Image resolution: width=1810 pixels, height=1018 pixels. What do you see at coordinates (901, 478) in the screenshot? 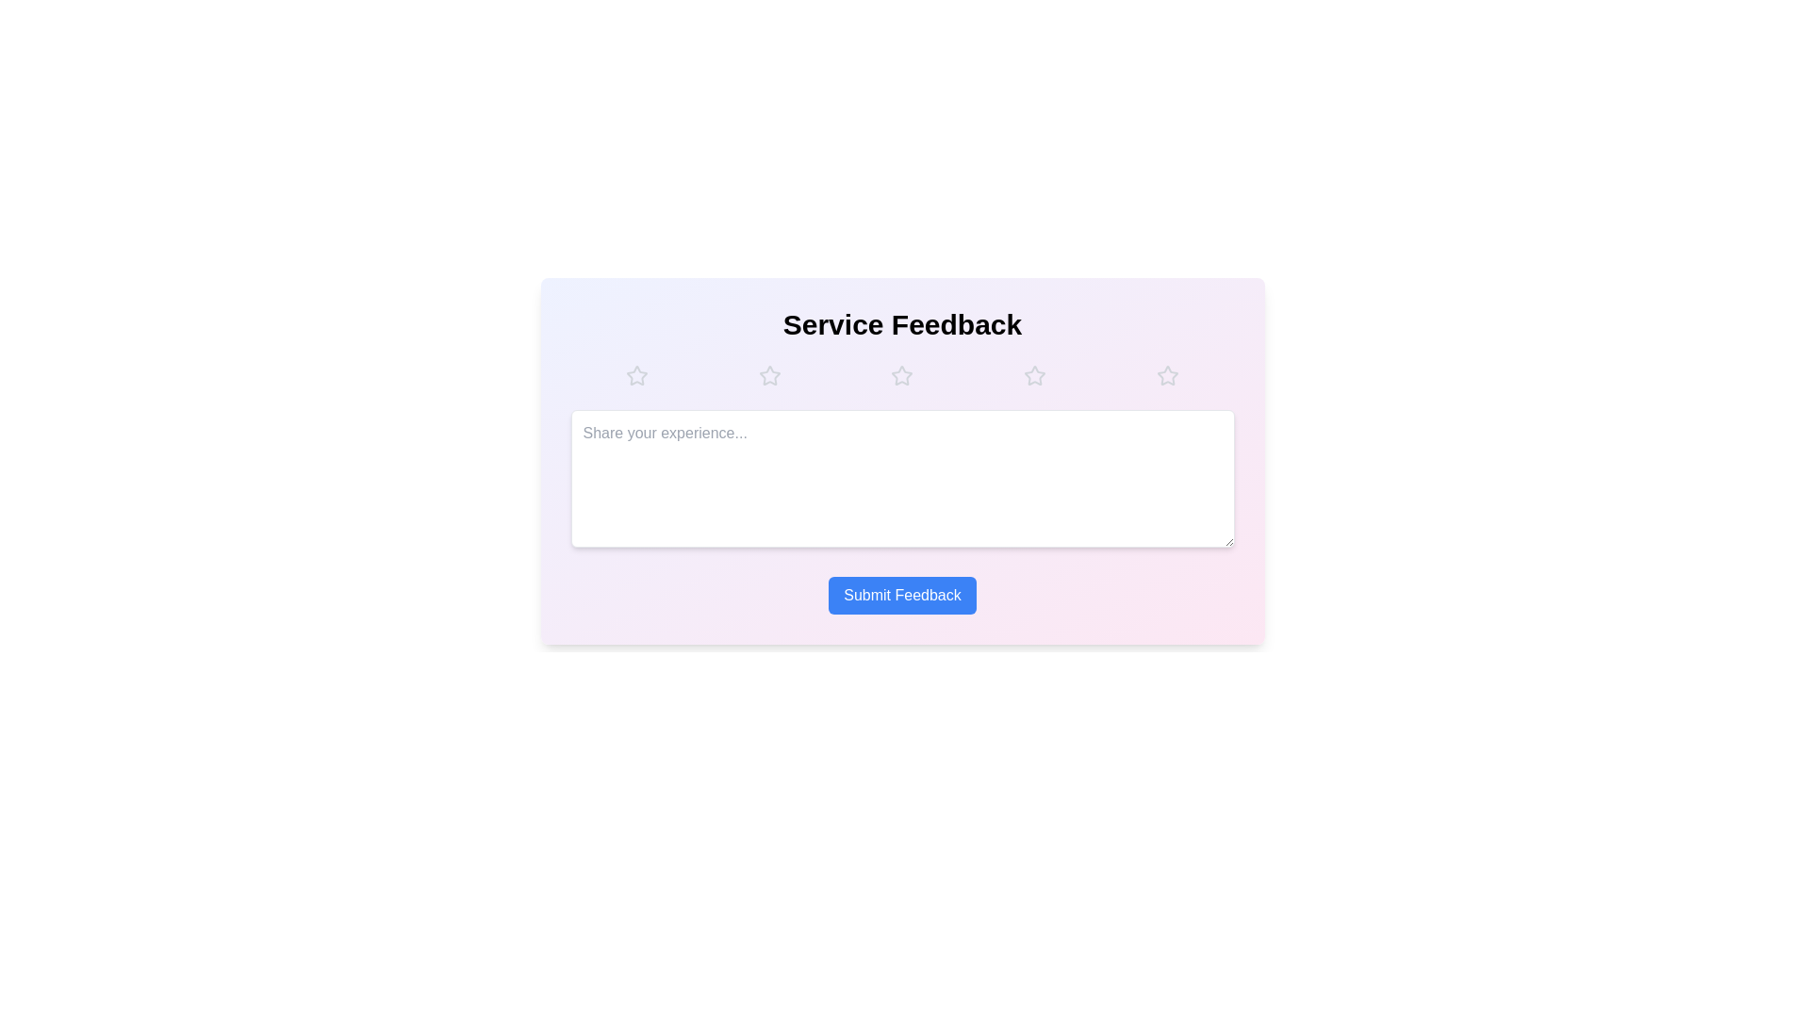
I see `the feedback text area to focus and input text` at bounding box center [901, 478].